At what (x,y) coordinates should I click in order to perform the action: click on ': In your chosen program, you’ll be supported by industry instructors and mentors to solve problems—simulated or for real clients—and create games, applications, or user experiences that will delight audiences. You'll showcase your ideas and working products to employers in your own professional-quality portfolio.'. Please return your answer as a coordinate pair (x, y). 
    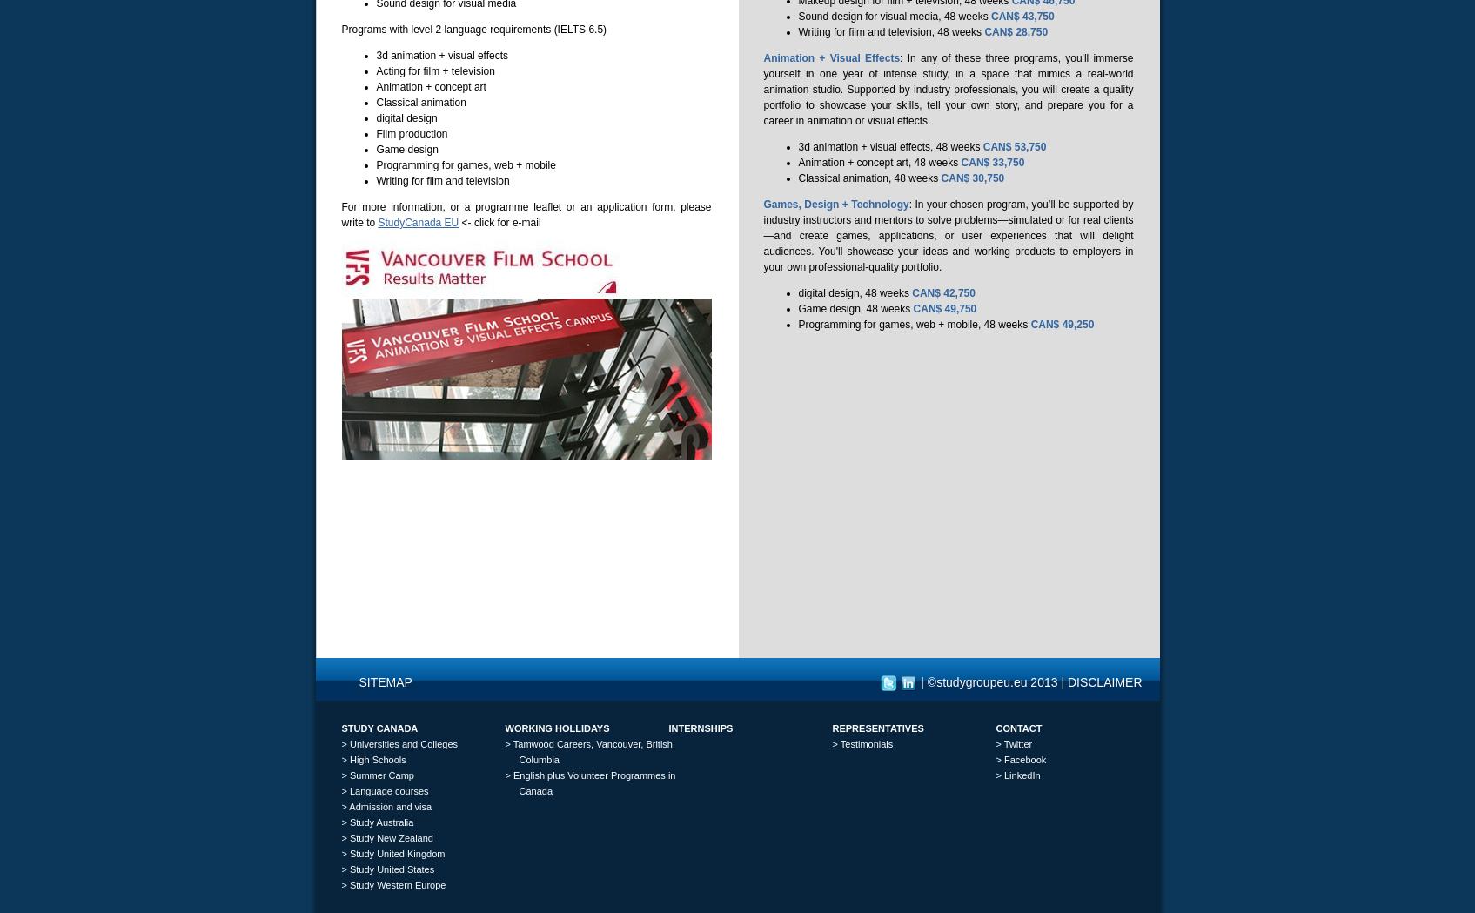
    Looking at the image, I should click on (948, 234).